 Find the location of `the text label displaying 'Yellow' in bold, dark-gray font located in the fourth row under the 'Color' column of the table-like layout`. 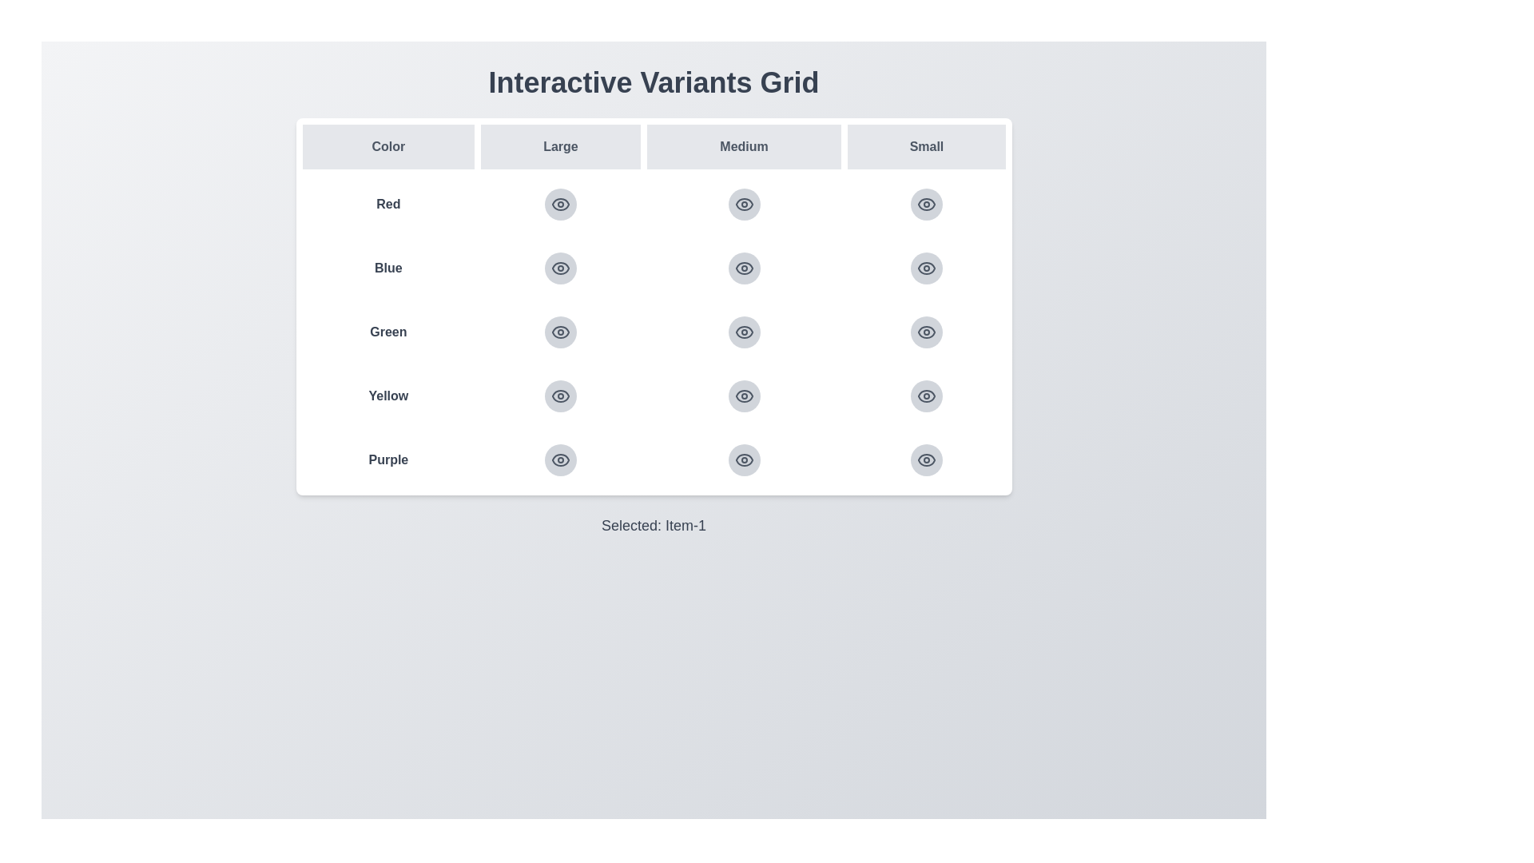

the text label displaying 'Yellow' in bold, dark-gray font located in the fourth row under the 'Color' column of the table-like layout is located at coordinates (388, 396).